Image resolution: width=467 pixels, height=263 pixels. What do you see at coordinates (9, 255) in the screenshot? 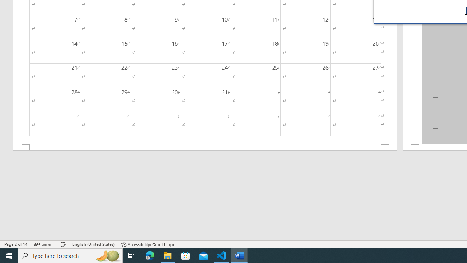
I see `'Start'` at bounding box center [9, 255].